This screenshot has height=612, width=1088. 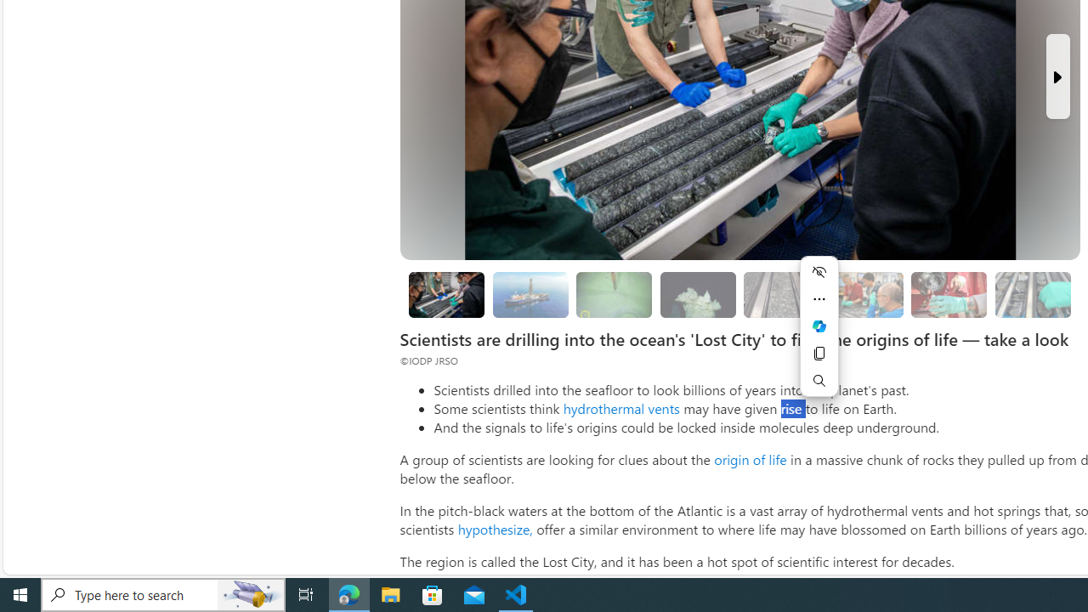 I want to click on 'Hide menu', so click(x=819, y=271).